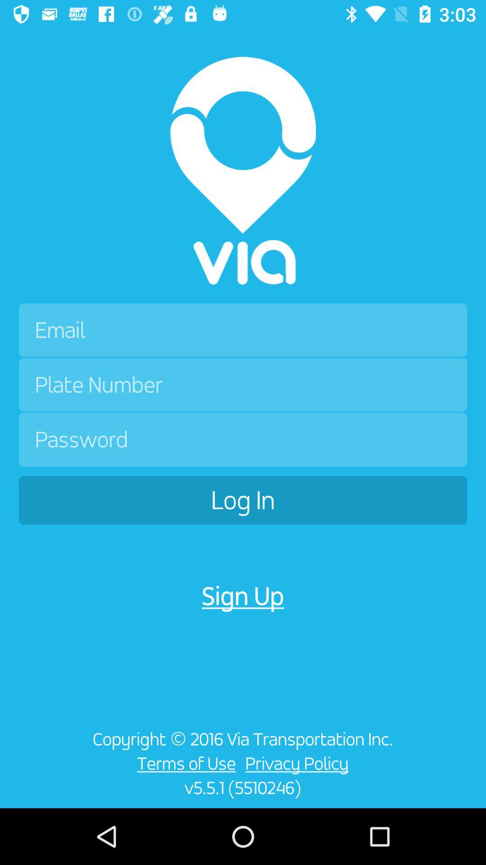 The height and width of the screenshot is (865, 486). I want to click on item below the log in, so click(38, 769).